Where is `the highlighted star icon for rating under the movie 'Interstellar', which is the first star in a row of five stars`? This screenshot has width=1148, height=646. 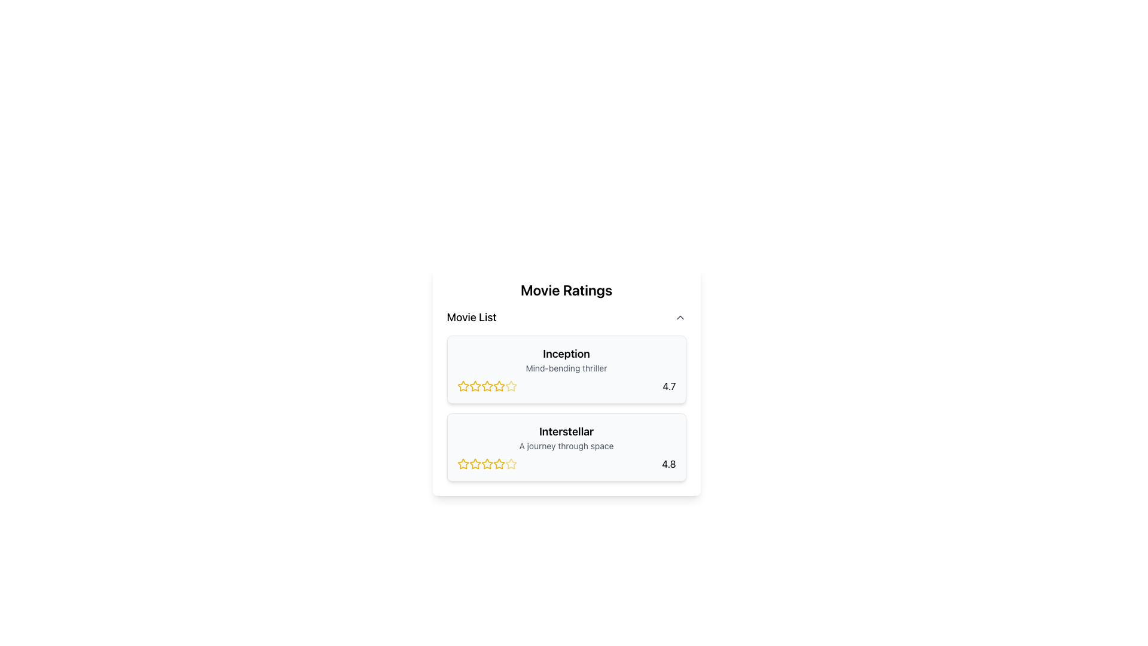
the highlighted star icon for rating under the movie 'Interstellar', which is the first star in a row of five stars is located at coordinates (462, 463).